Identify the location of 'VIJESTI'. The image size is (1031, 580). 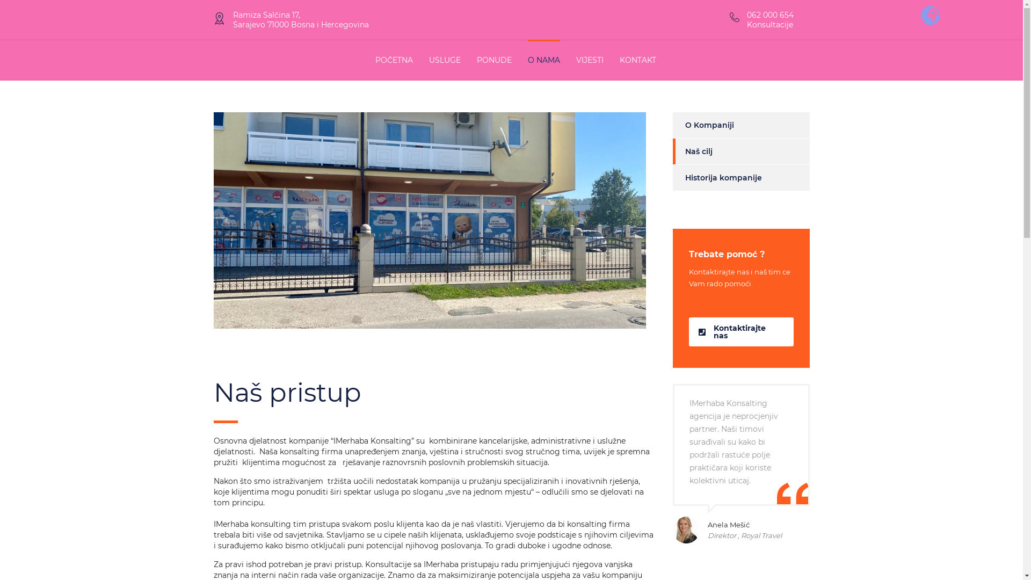
(589, 60).